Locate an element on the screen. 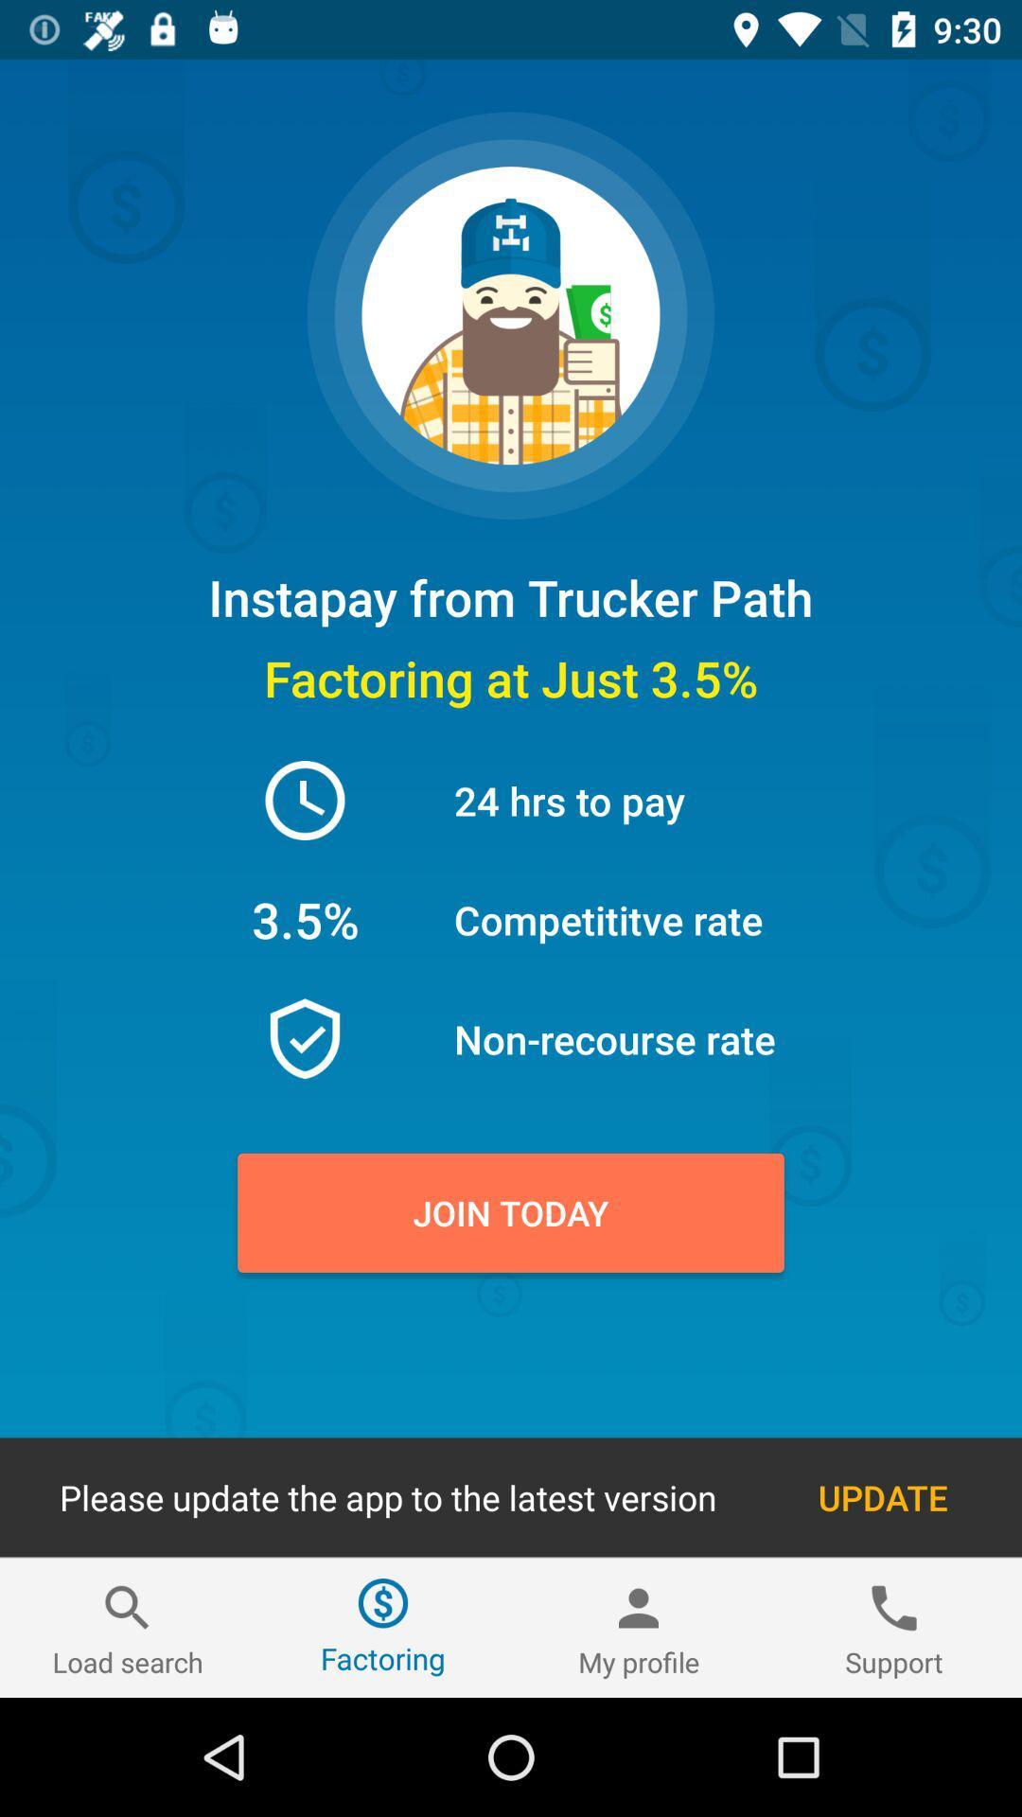 The image size is (1022, 1817). the item to the left of the factoring item is located at coordinates (128, 1627).